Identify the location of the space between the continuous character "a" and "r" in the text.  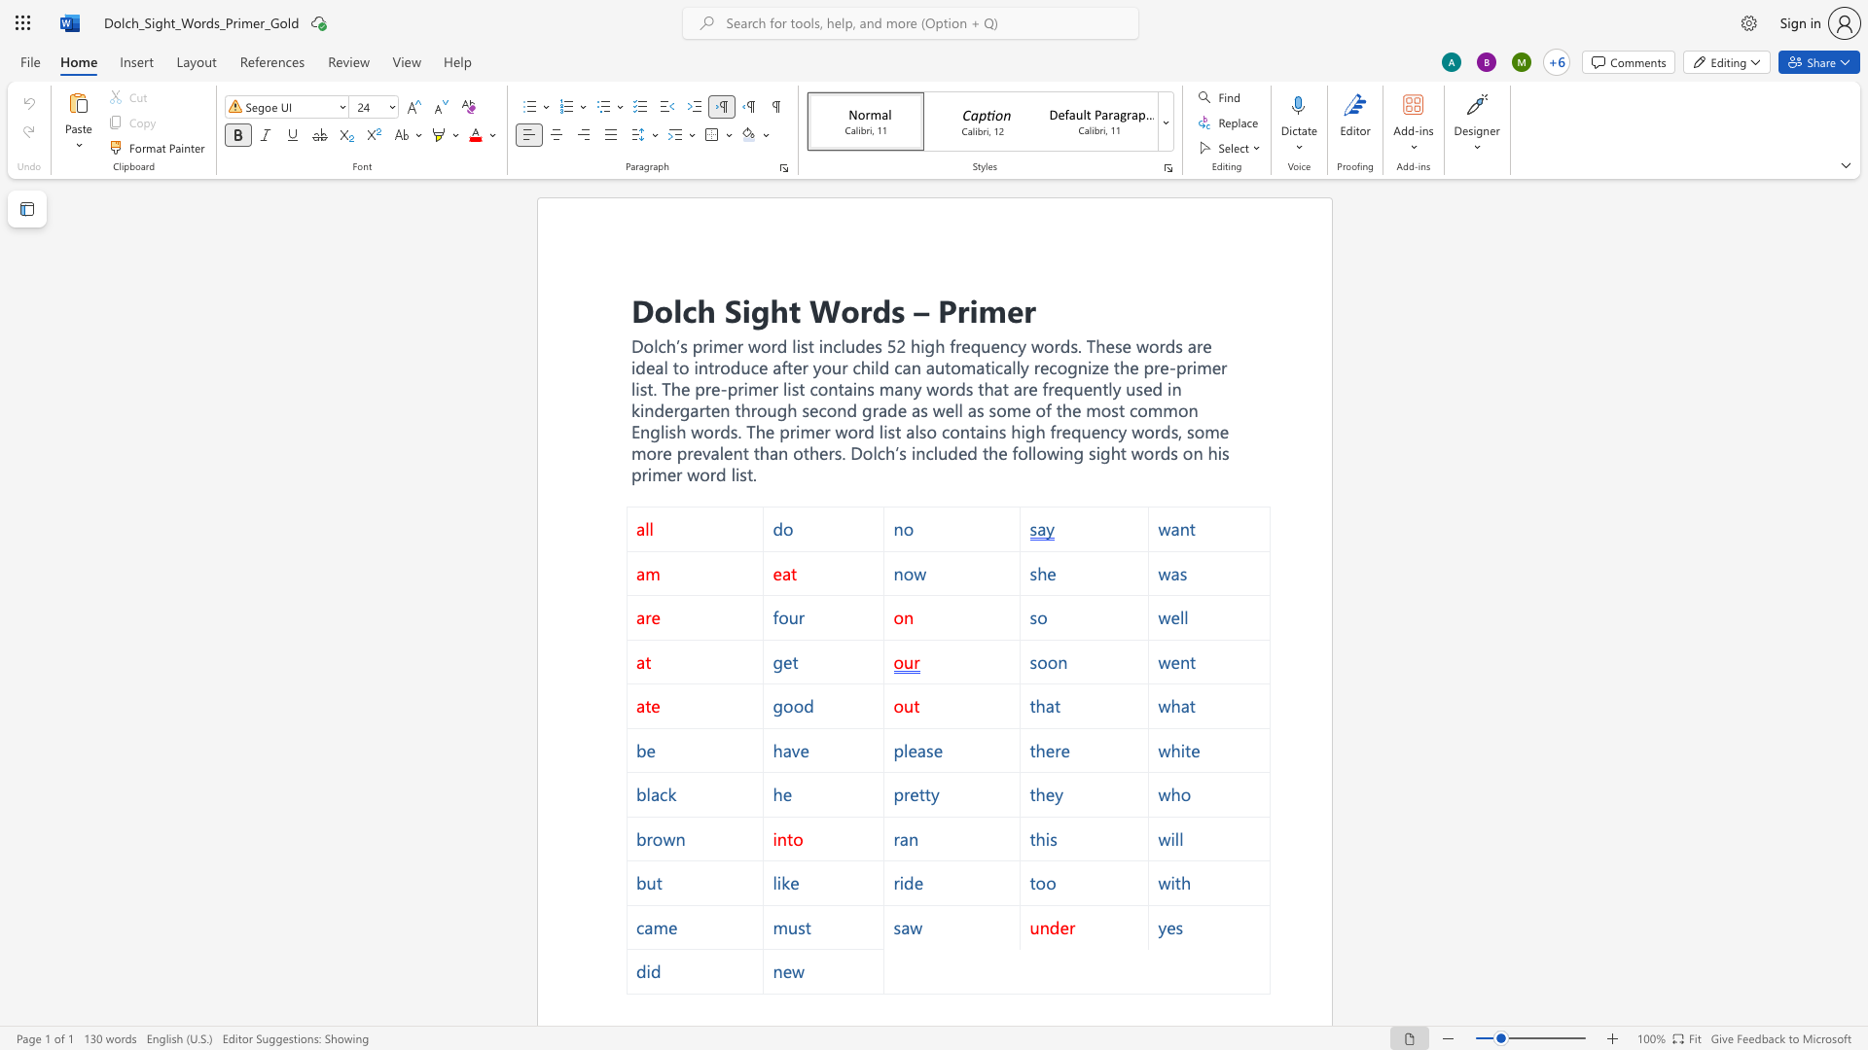
(1021, 389).